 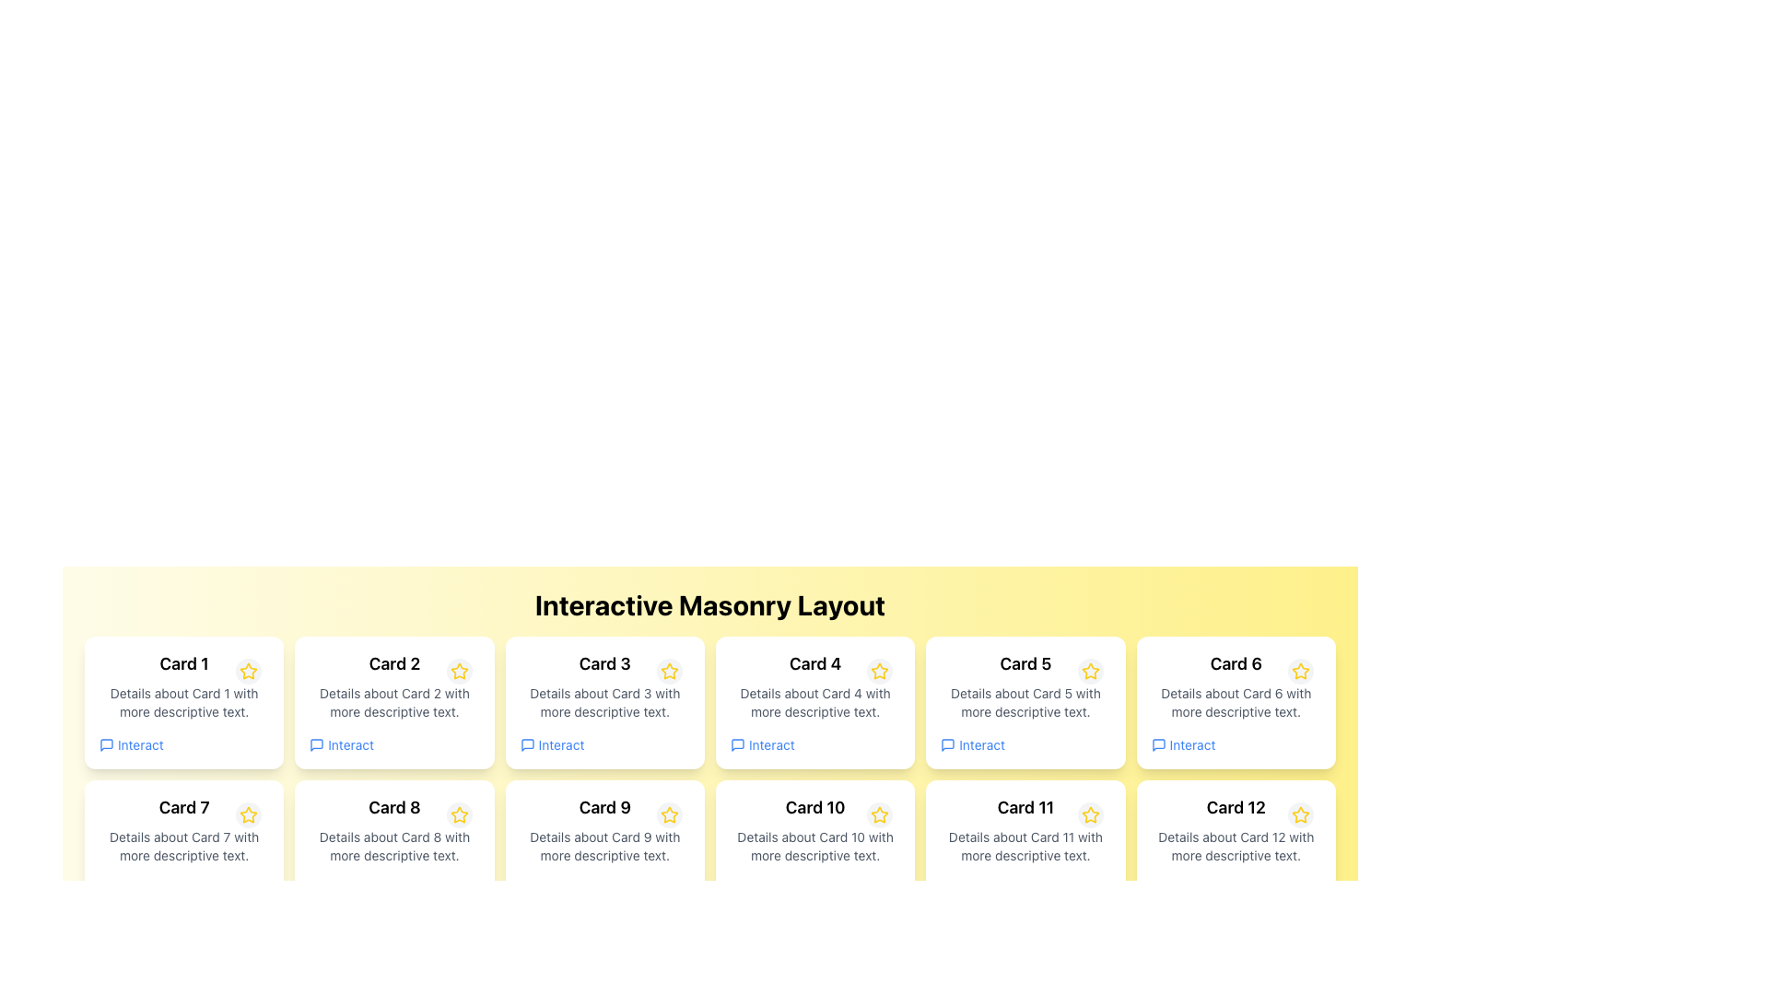 What do you see at coordinates (248, 815) in the screenshot?
I see `the icon button located in the upper-right corner of 'Card 7' in the second row, first column of the card grid layout to interact with it` at bounding box center [248, 815].